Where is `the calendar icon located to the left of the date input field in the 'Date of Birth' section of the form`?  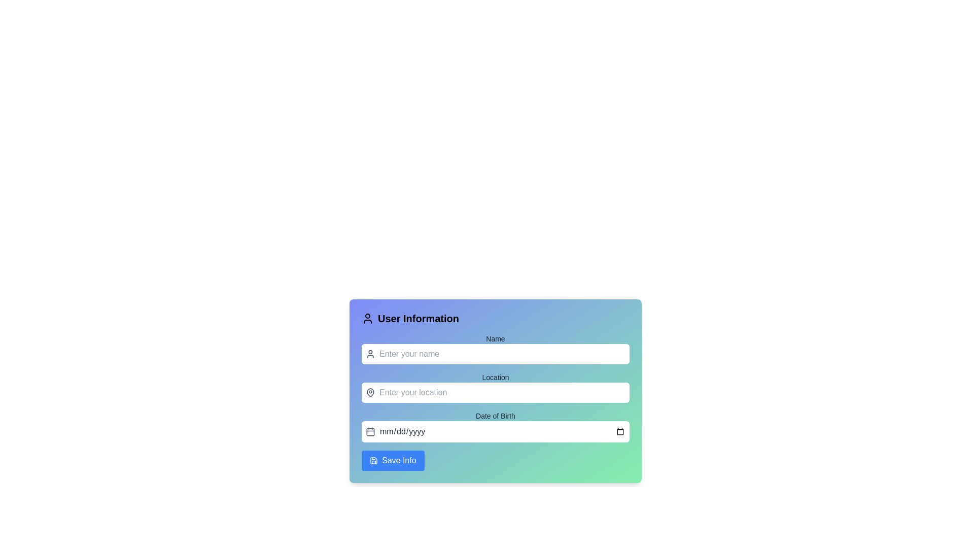 the calendar icon located to the left of the date input field in the 'Date of Birth' section of the form is located at coordinates (370, 432).